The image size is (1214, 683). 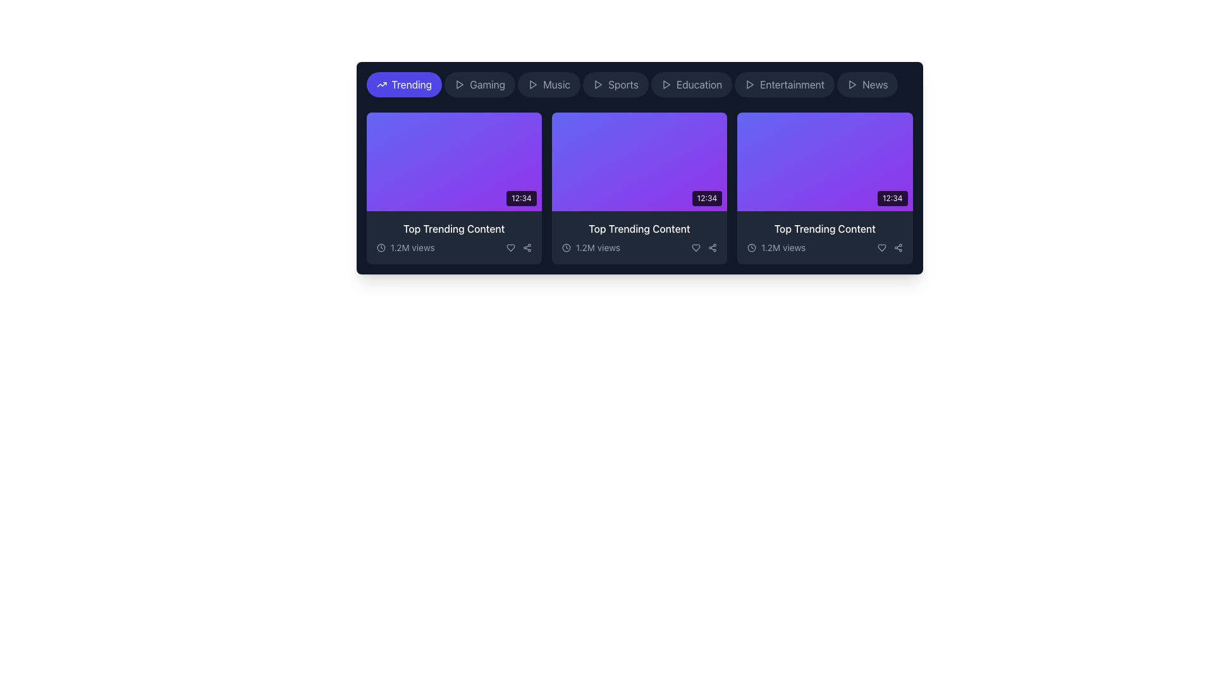 I want to click on the static informational display element that shows the view count of the associated content, located in the bottom-left corner of the first content card in a horizontally aligned list, so click(x=405, y=247).